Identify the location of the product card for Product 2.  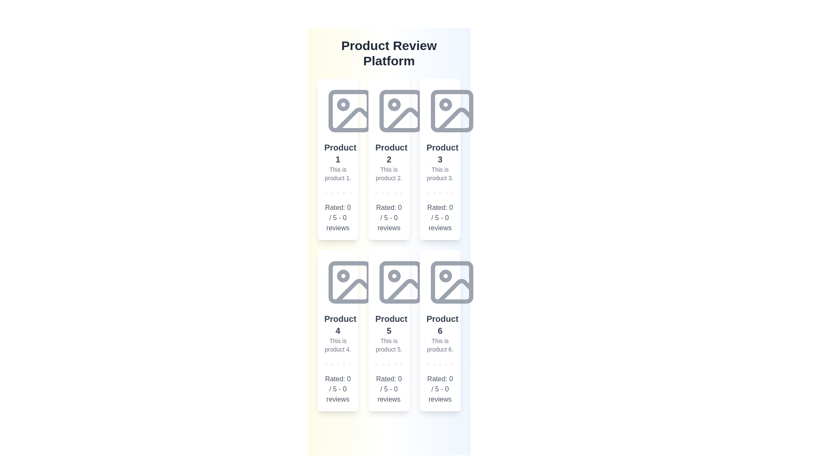
(388, 159).